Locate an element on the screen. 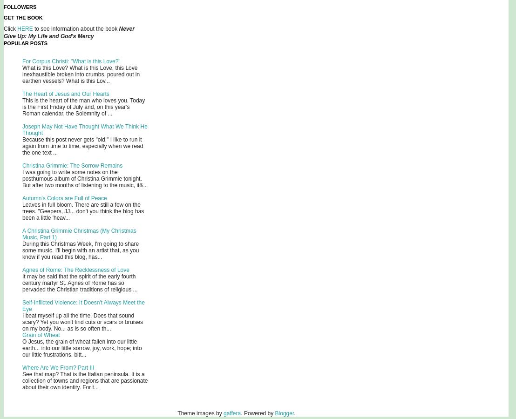 The height and width of the screenshot is (419, 516). 'Grain of Wheat' is located at coordinates (40, 335).